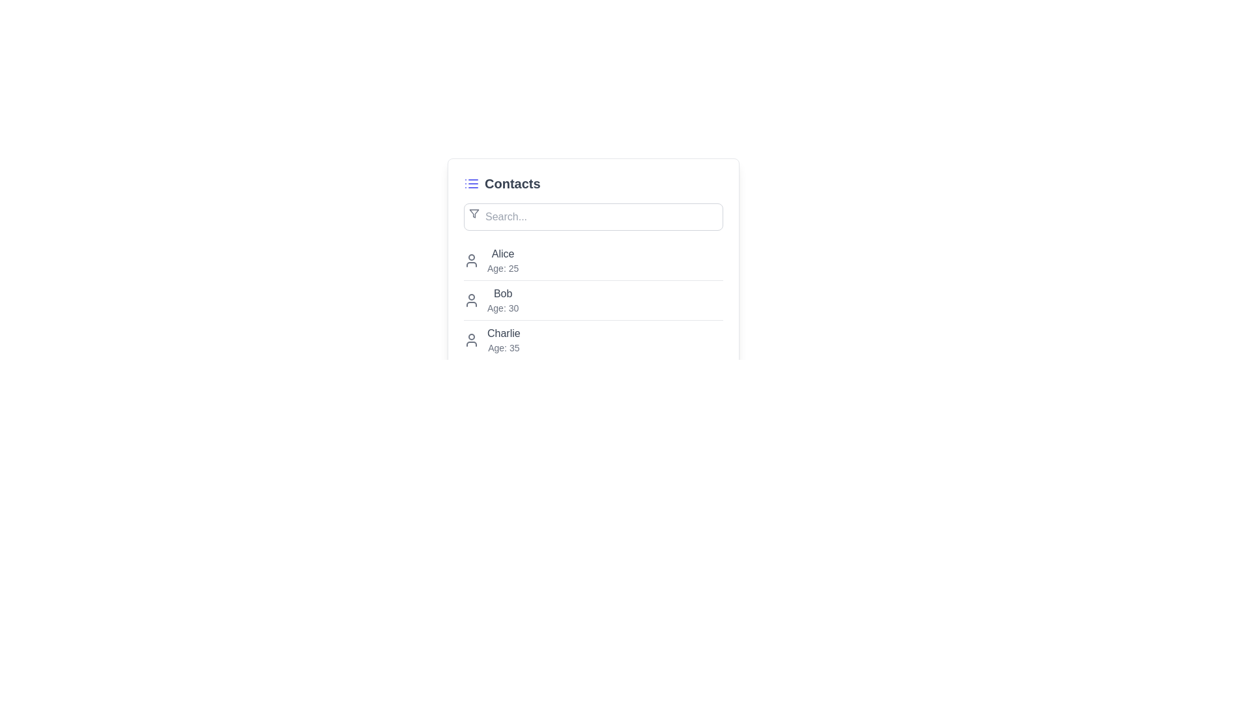  What do you see at coordinates (503, 347) in the screenshot?
I see `the text label displaying 'Age: 35' that is styled with a small font size and gray color, located below the name 'Charlie' in the contact list` at bounding box center [503, 347].